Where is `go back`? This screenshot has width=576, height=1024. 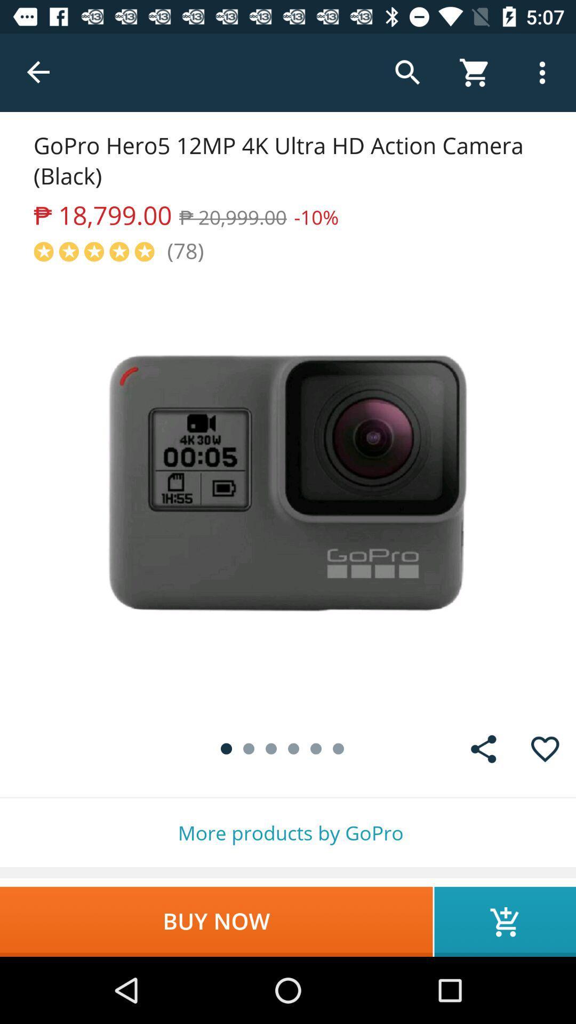 go back is located at coordinates (38, 72).